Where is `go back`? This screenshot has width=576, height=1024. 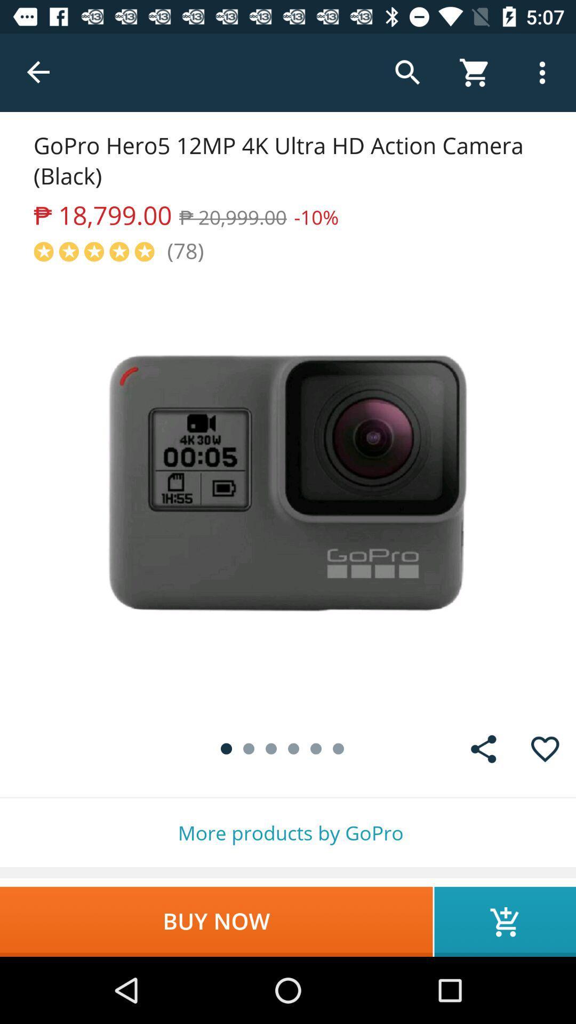 go back is located at coordinates (38, 72).